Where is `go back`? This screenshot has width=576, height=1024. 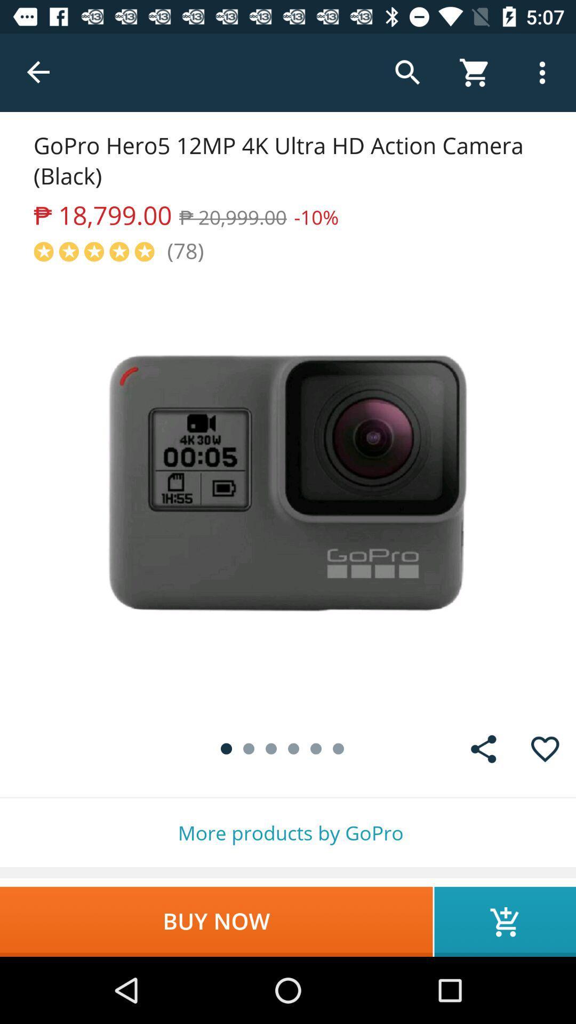 go back is located at coordinates (38, 72).